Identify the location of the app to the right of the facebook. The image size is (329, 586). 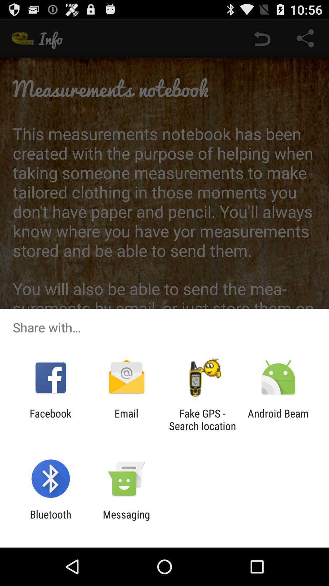
(126, 419).